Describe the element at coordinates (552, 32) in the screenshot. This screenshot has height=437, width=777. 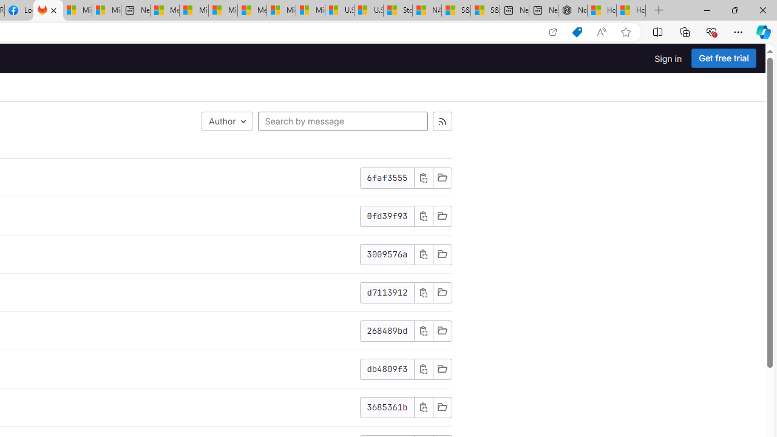
I see `'Open in app'` at that location.